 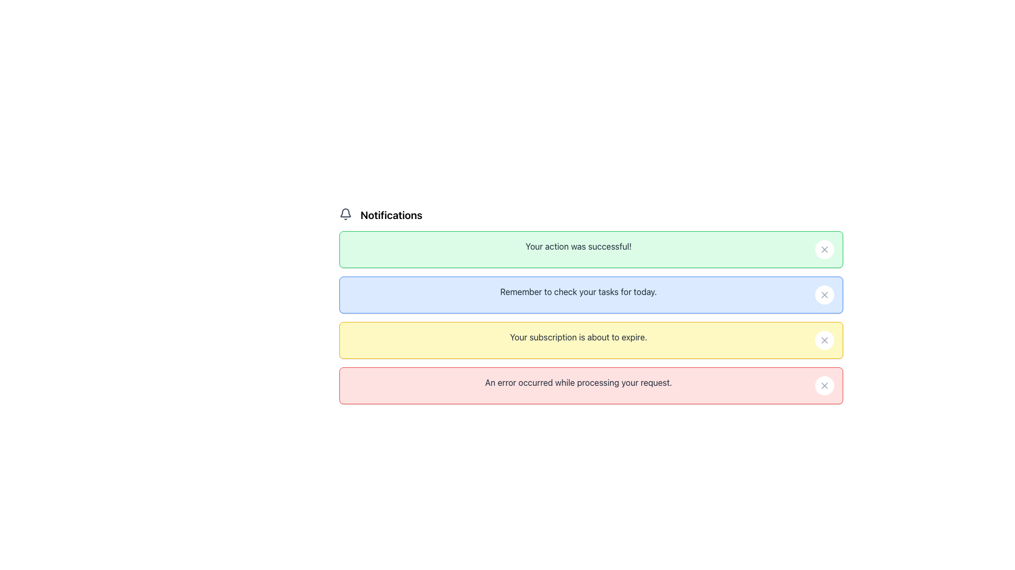 I want to click on the small rounded button with a white background and an 'X' icon, so click(x=824, y=340).